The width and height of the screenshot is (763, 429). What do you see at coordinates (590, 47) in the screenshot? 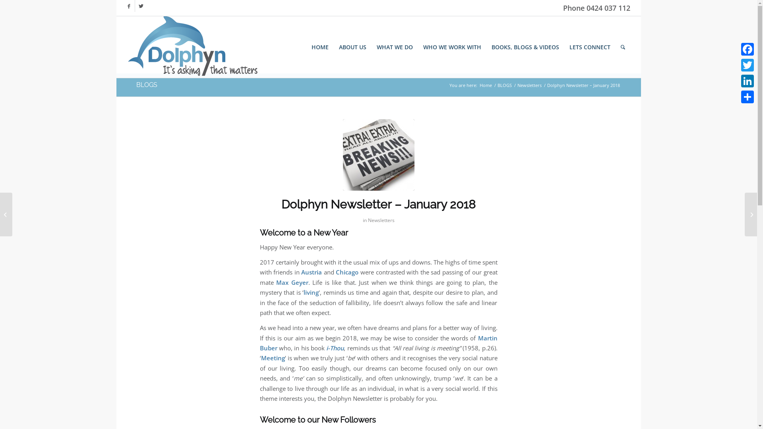
I see `'LETS CONNECT'` at bounding box center [590, 47].